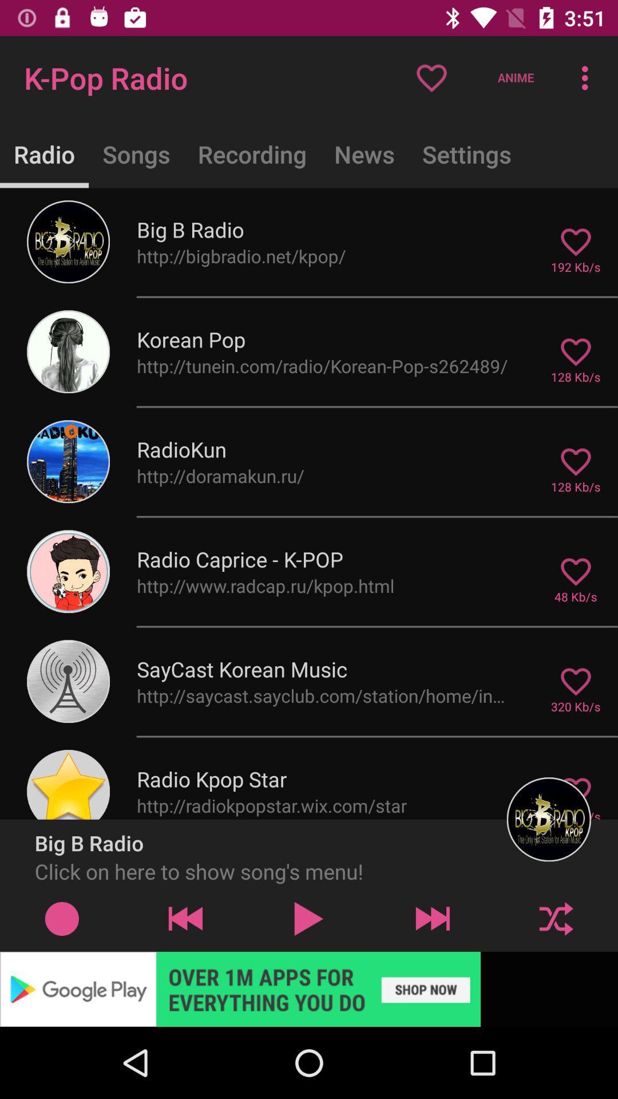 The height and width of the screenshot is (1099, 618). Describe the element at coordinates (576, 461) in the screenshot. I see `the like icon which is to the right of radiokun` at that location.